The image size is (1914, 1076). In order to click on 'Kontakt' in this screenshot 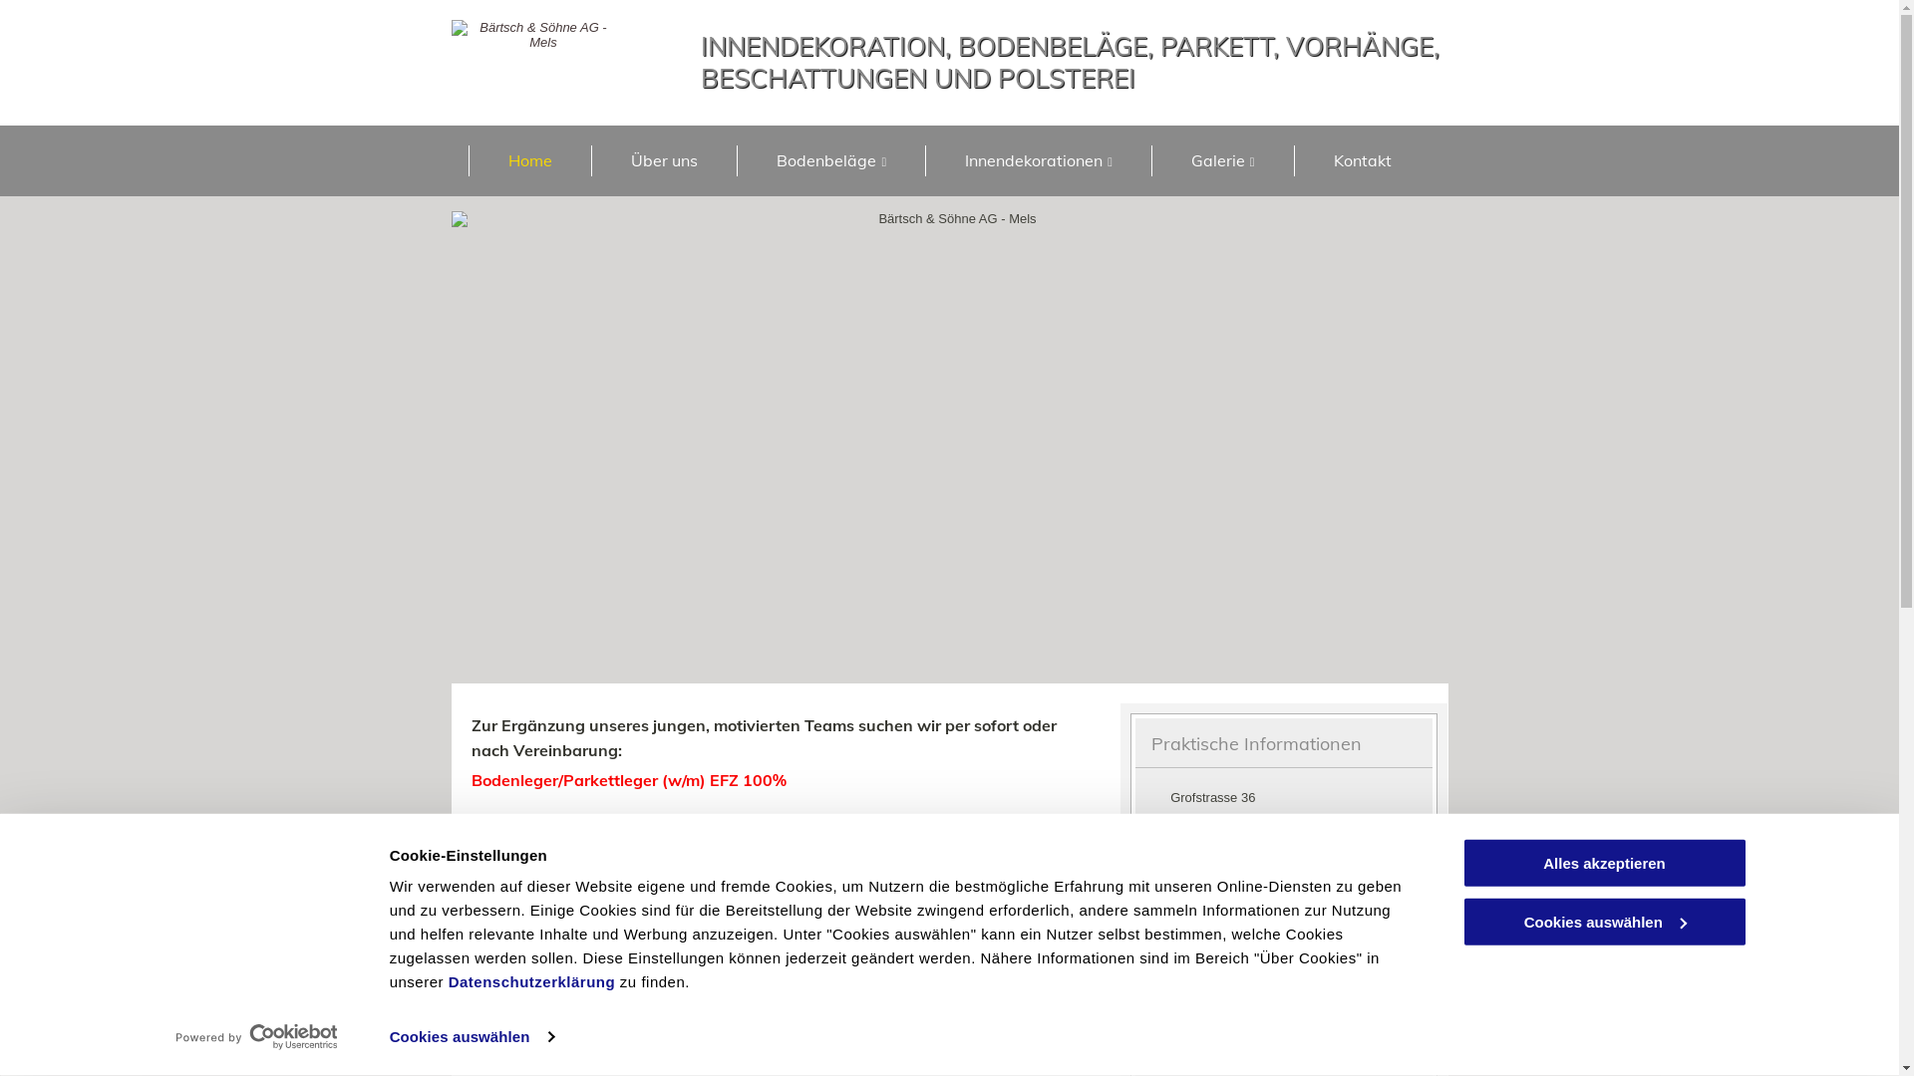, I will do `click(1361, 159)`.